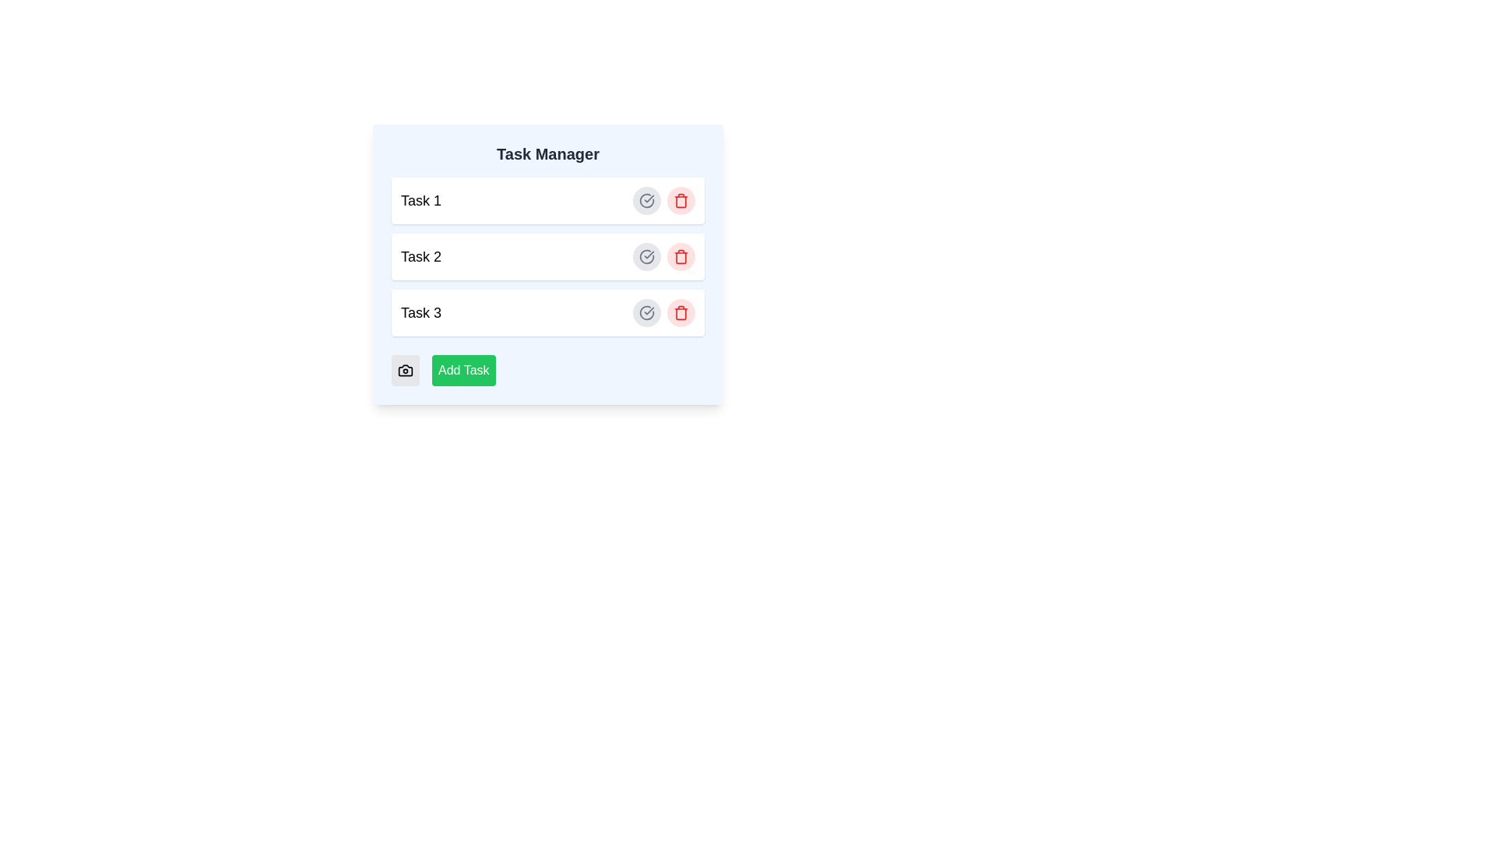 The image size is (1495, 841). What do you see at coordinates (548, 256) in the screenshot?
I see `the second task item labeled 'Task 2' in the task management interface of the 'Task Manager'` at bounding box center [548, 256].